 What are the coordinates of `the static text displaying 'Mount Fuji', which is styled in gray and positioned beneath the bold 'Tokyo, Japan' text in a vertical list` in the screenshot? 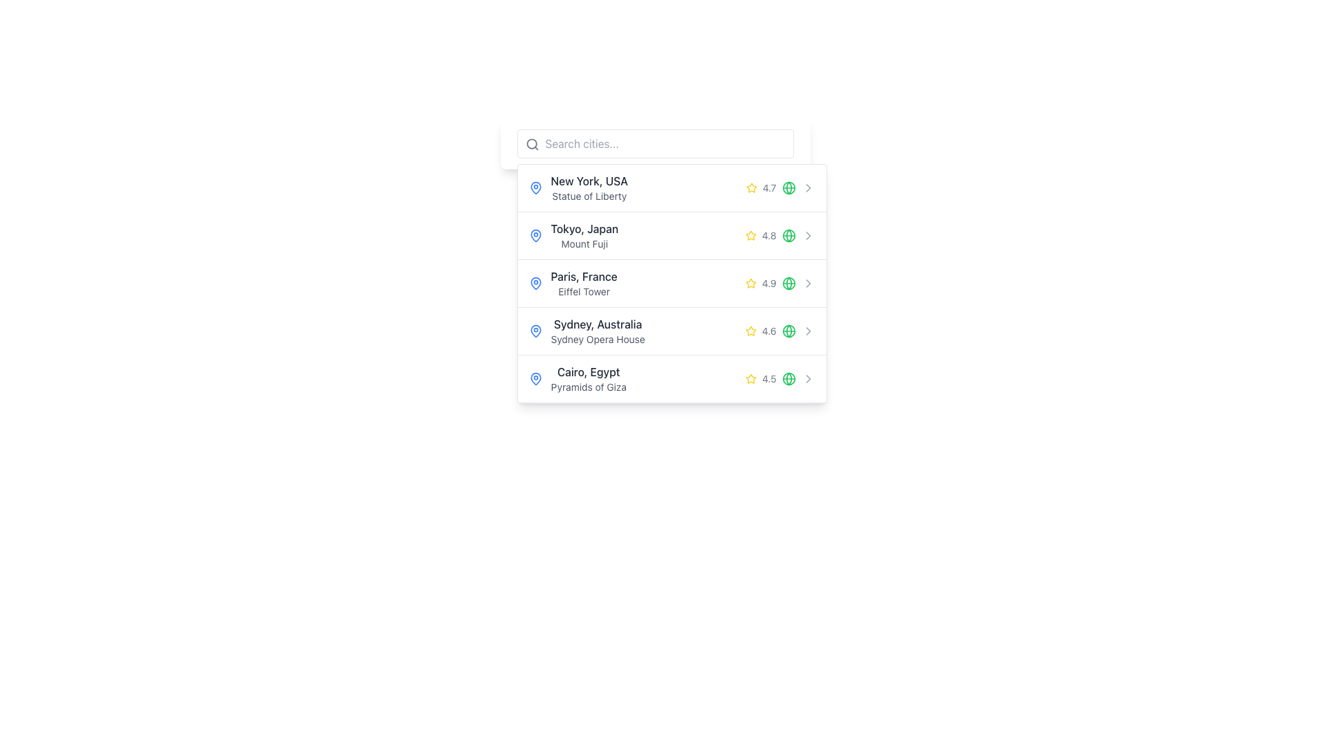 It's located at (584, 243).